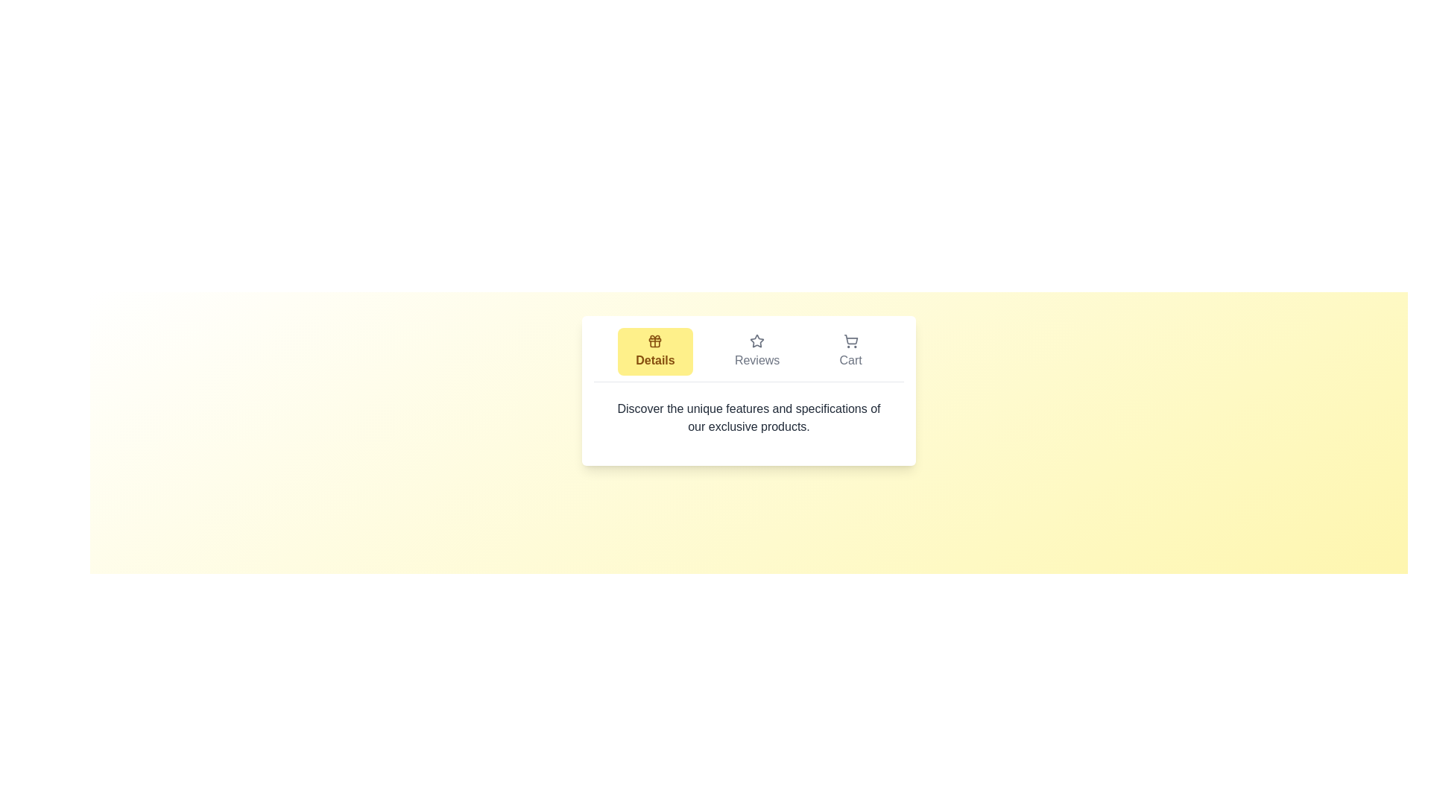 The height and width of the screenshot is (805, 1431). I want to click on the tab labeled Reviews to switch to its content, so click(757, 351).